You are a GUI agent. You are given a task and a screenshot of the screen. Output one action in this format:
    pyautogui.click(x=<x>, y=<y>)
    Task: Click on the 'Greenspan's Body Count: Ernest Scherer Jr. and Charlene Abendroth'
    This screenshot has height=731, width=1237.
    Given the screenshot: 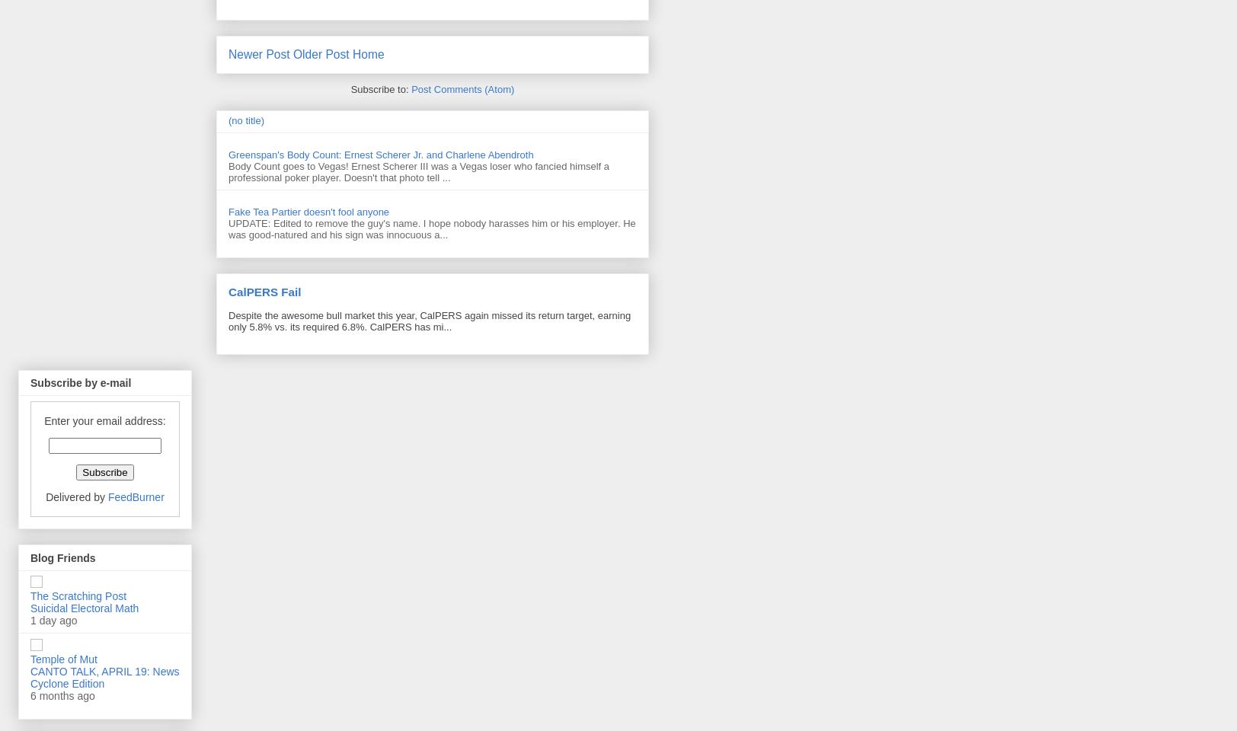 What is the action you would take?
    pyautogui.click(x=381, y=155)
    